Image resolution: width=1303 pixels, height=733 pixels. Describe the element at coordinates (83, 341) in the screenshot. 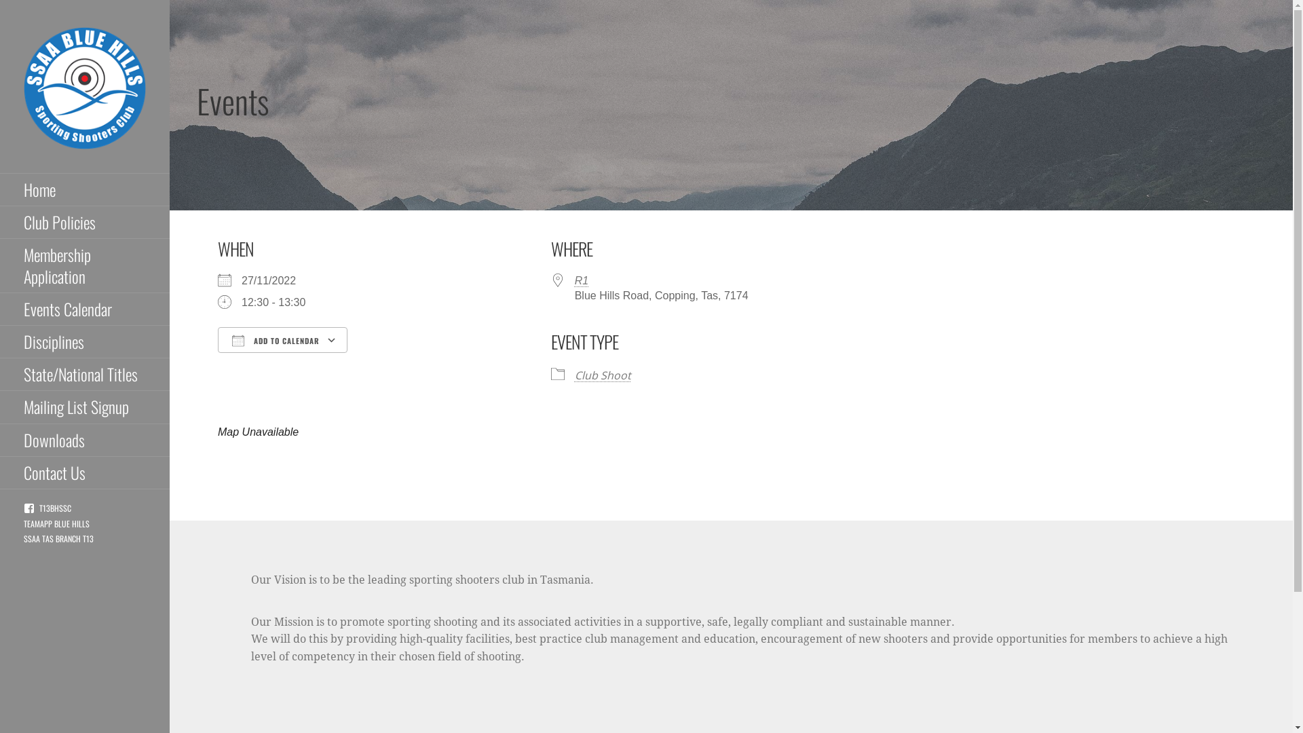

I see `'Disciplines'` at that location.